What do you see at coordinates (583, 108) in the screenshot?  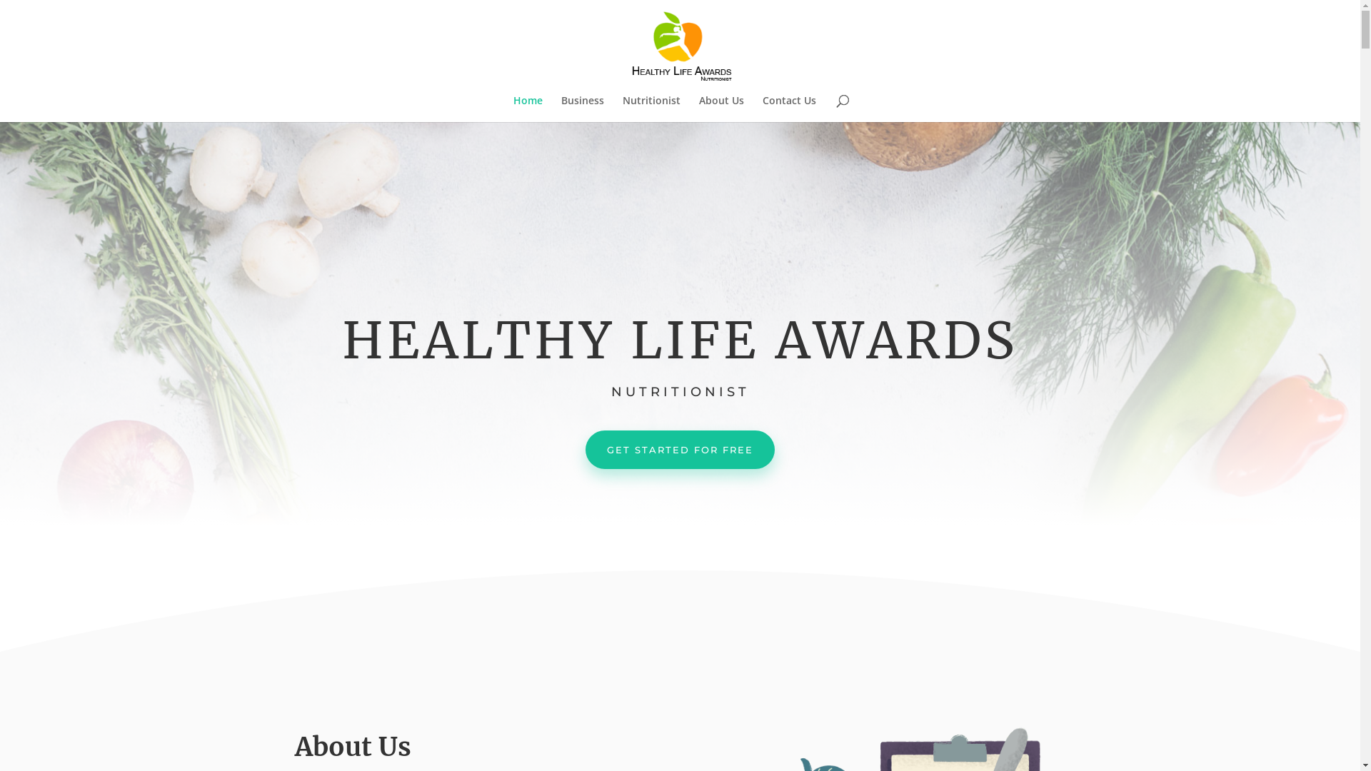 I see `'Business'` at bounding box center [583, 108].